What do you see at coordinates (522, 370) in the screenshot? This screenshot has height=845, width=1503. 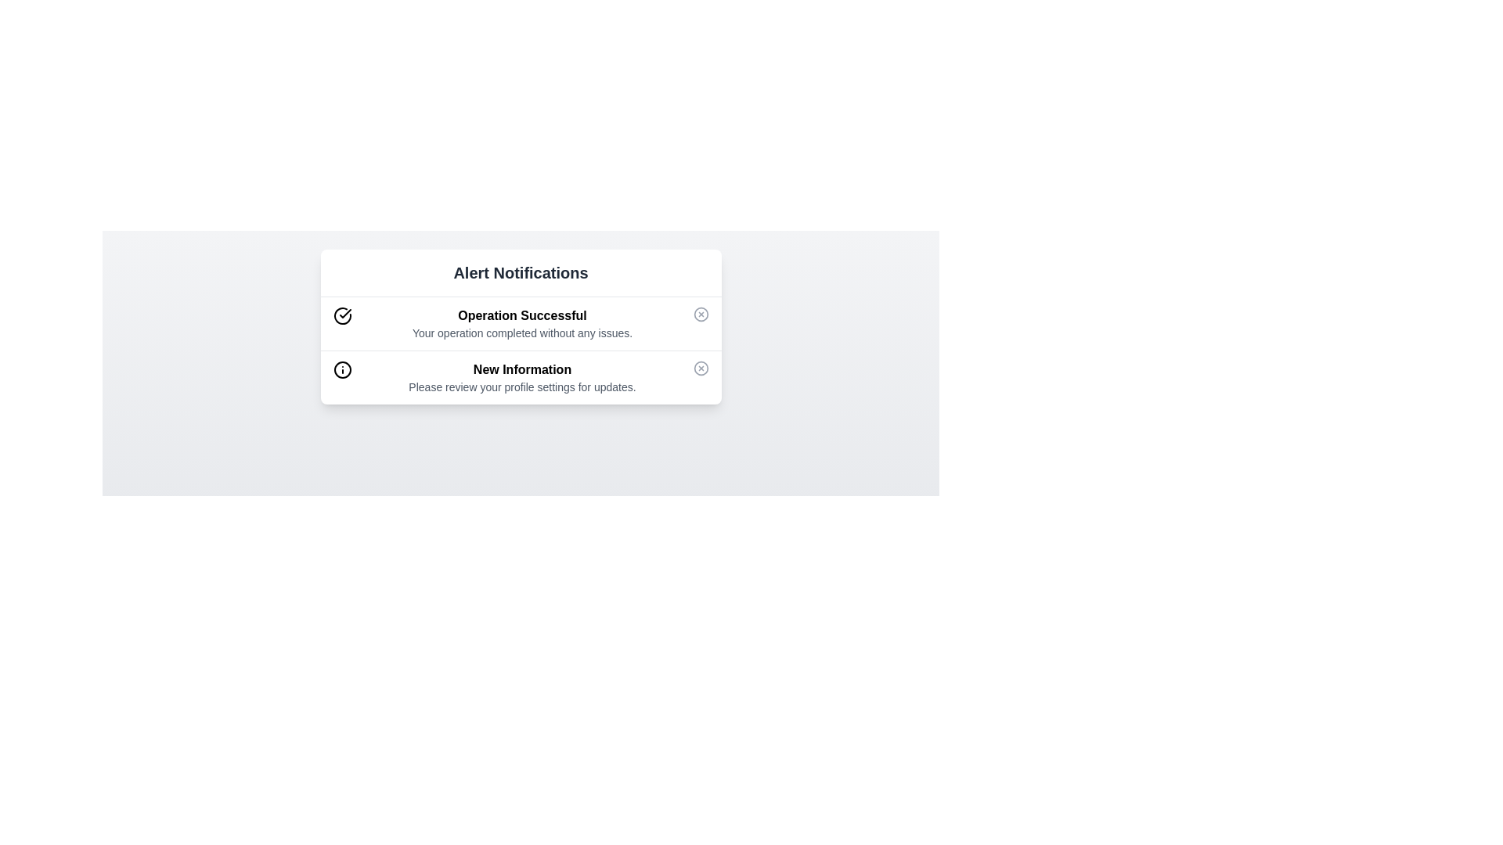 I see `text label that presents brief headline information within the 'Alert Notifications' panel, located beneath the 'Operation Successful' notification item` at bounding box center [522, 370].